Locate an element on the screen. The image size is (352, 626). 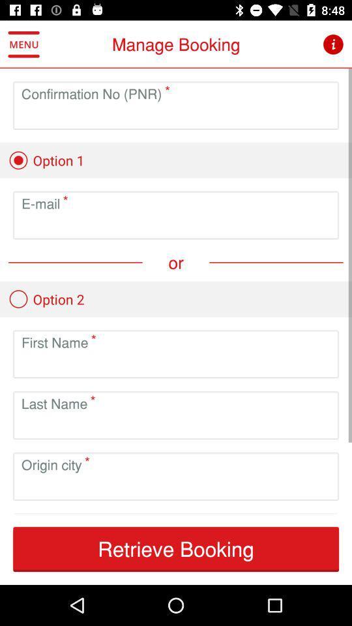
the icon at the top right corner is located at coordinates (333, 44).